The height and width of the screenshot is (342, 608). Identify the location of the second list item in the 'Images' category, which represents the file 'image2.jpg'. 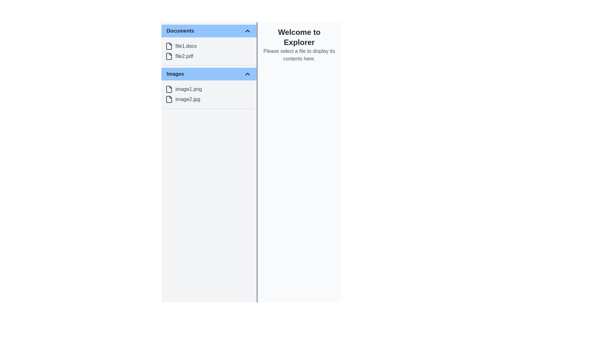
(209, 99).